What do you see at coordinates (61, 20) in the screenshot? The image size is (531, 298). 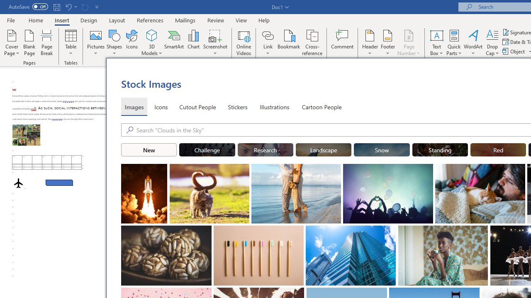 I see `'Insert'` at bounding box center [61, 20].